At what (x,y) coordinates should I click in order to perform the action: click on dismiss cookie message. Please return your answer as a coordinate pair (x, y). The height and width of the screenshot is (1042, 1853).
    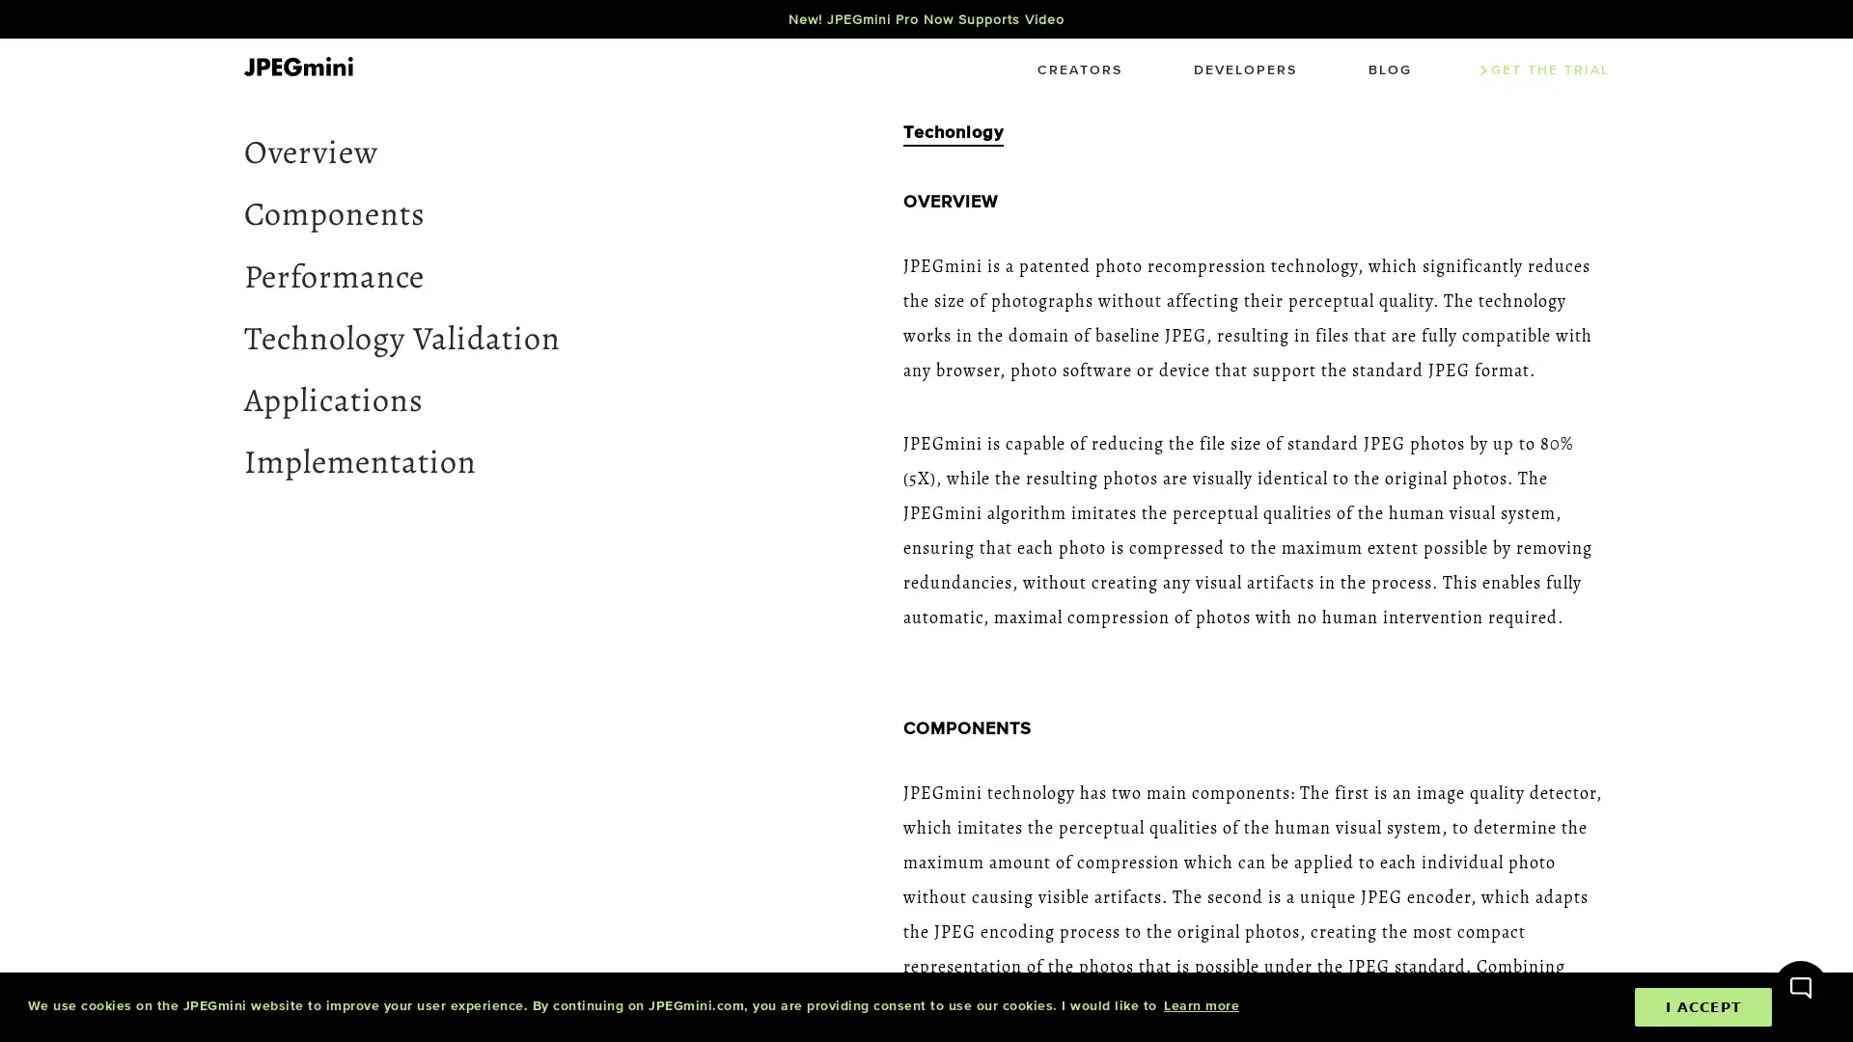
    Looking at the image, I should click on (1703, 1006).